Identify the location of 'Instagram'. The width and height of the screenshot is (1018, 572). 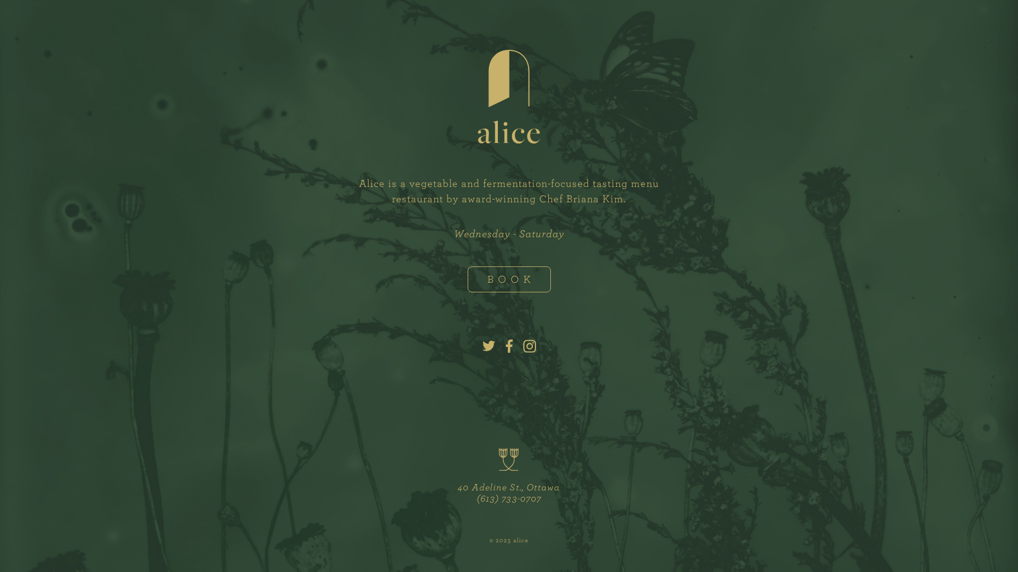
(529, 347).